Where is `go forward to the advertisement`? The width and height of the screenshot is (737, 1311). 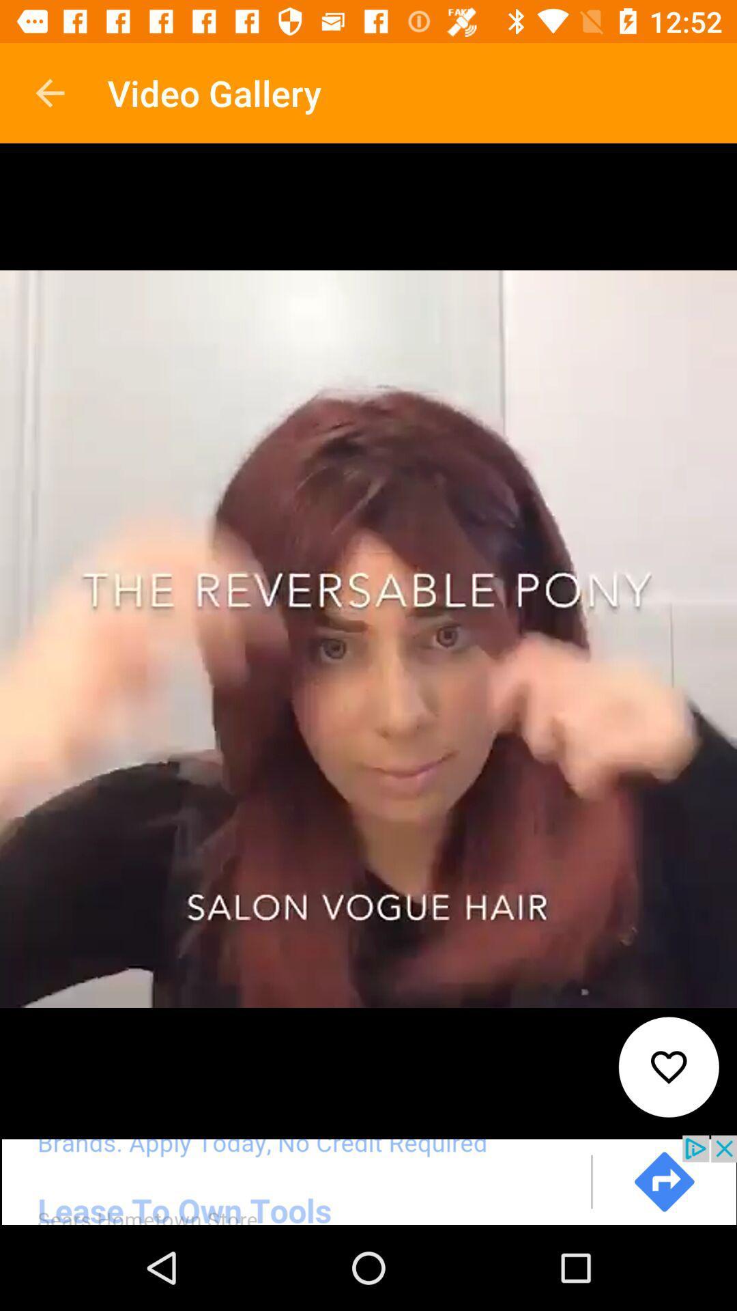
go forward to the advertisement is located at coordinates (369, 1179).